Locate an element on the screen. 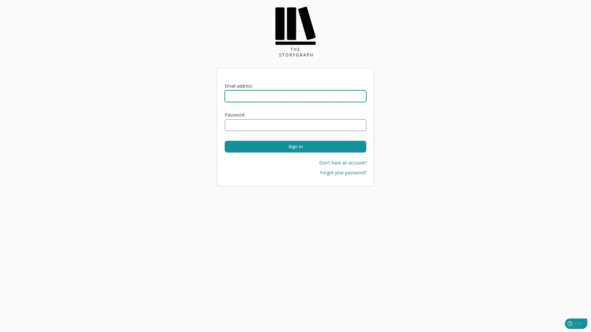  Sign in is located at coordinates (295, 147).